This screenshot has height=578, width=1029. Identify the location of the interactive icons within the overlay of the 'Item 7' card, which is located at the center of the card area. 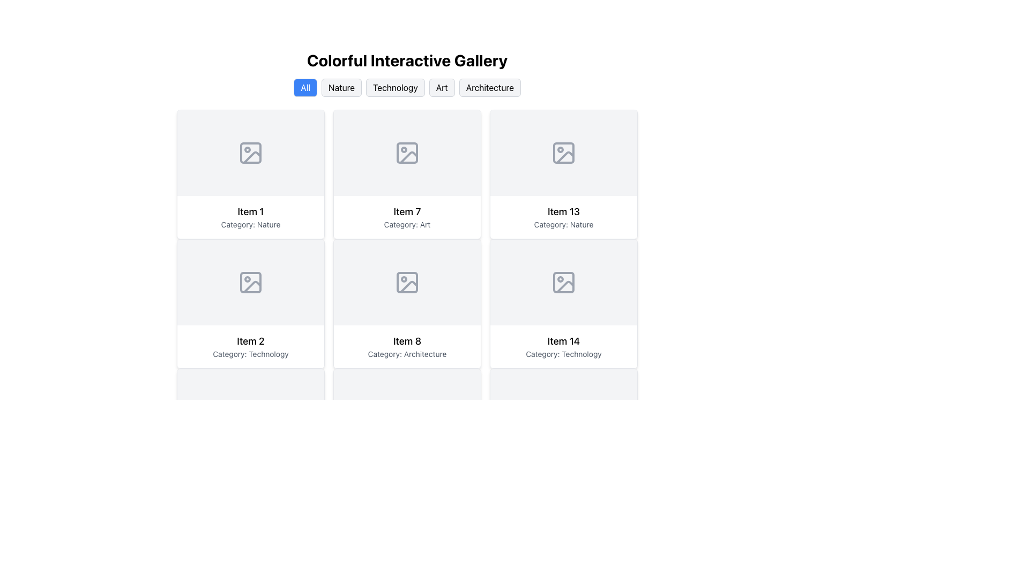
(406, 174).